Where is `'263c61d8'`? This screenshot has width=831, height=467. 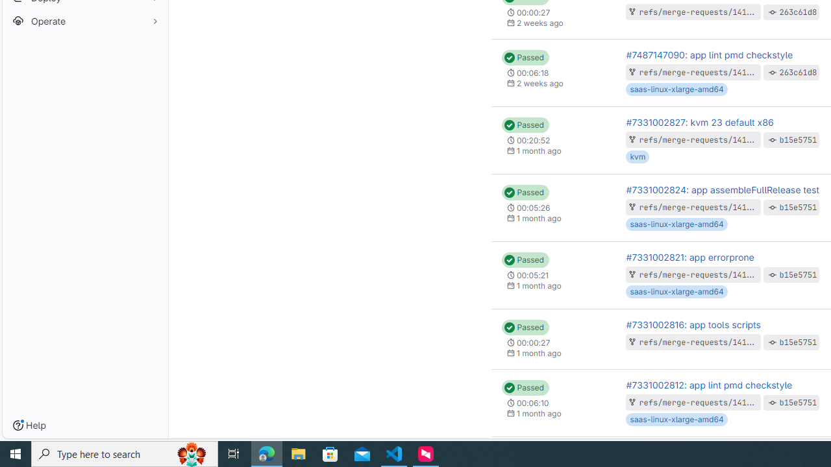 '263c61d8' is located at coordinates (798, 72).